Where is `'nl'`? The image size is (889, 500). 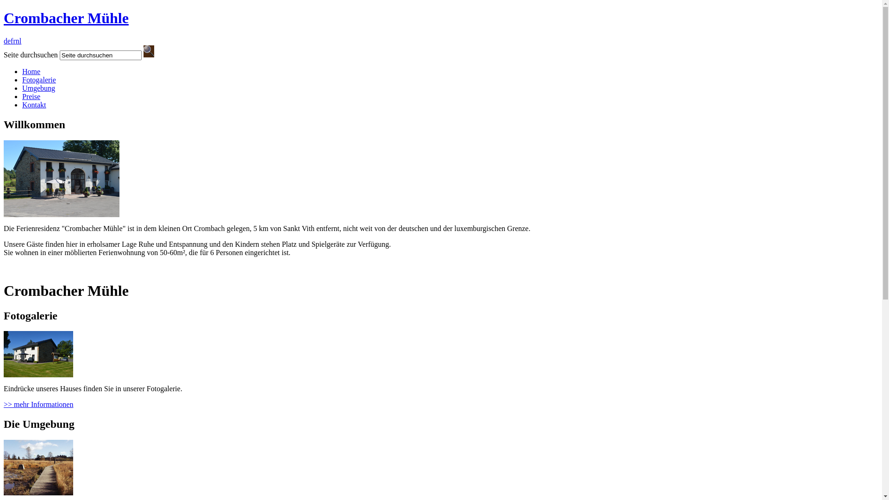
'nl' is located at coordinates (18, 40).